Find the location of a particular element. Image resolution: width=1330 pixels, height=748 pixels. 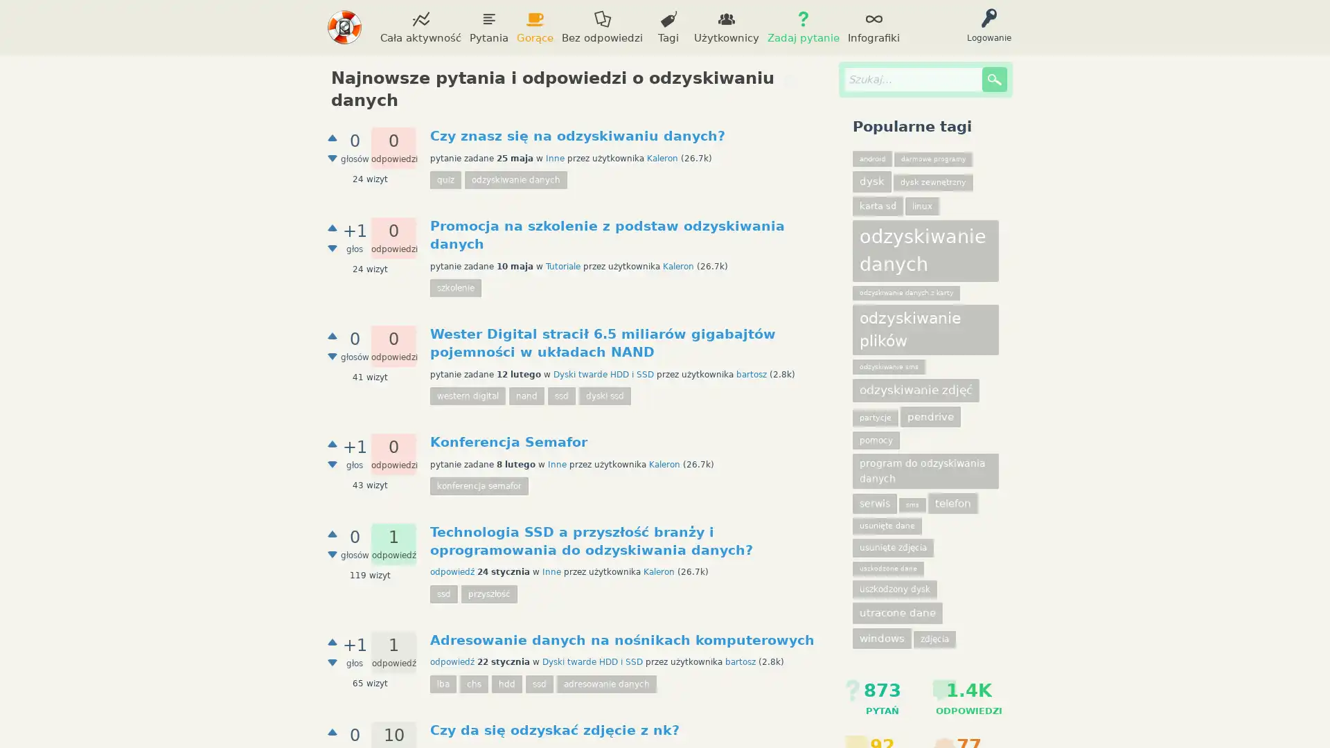

Szukaj is located at coordinates (993, 80).